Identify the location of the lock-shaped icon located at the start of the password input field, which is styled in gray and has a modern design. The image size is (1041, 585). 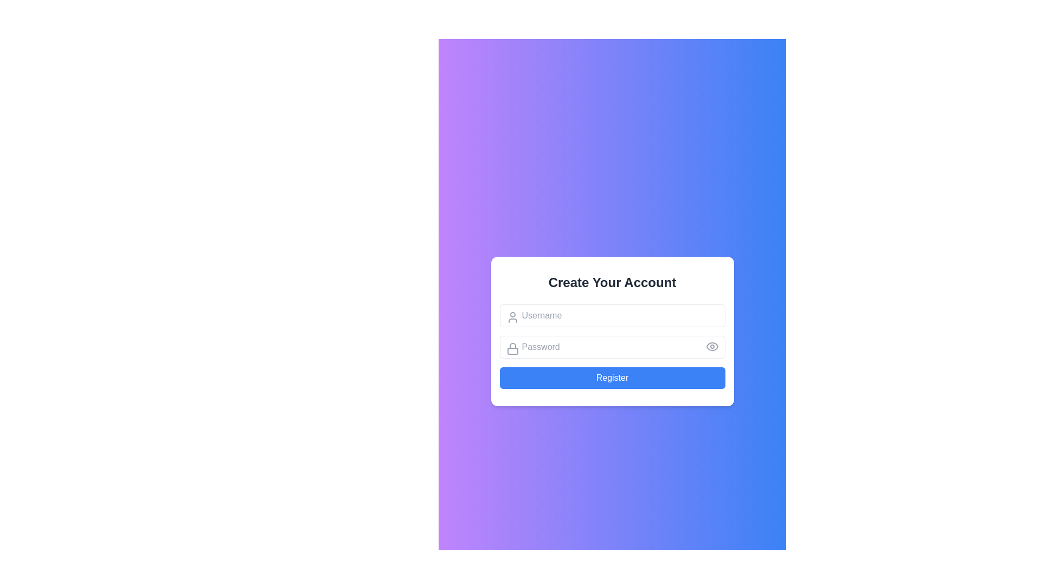
(512, 349).